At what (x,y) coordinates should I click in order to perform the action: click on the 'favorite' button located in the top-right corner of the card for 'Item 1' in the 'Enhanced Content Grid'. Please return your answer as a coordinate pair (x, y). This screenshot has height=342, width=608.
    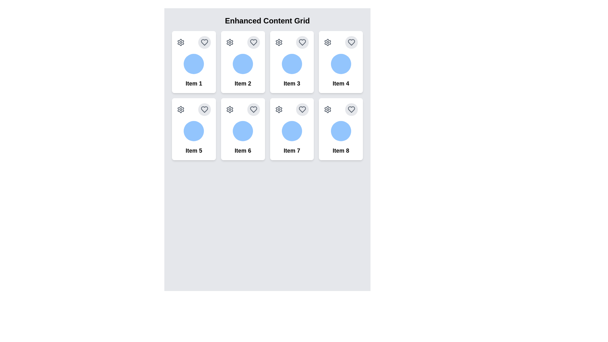
    Looking at the image, I should click on (204, 42).